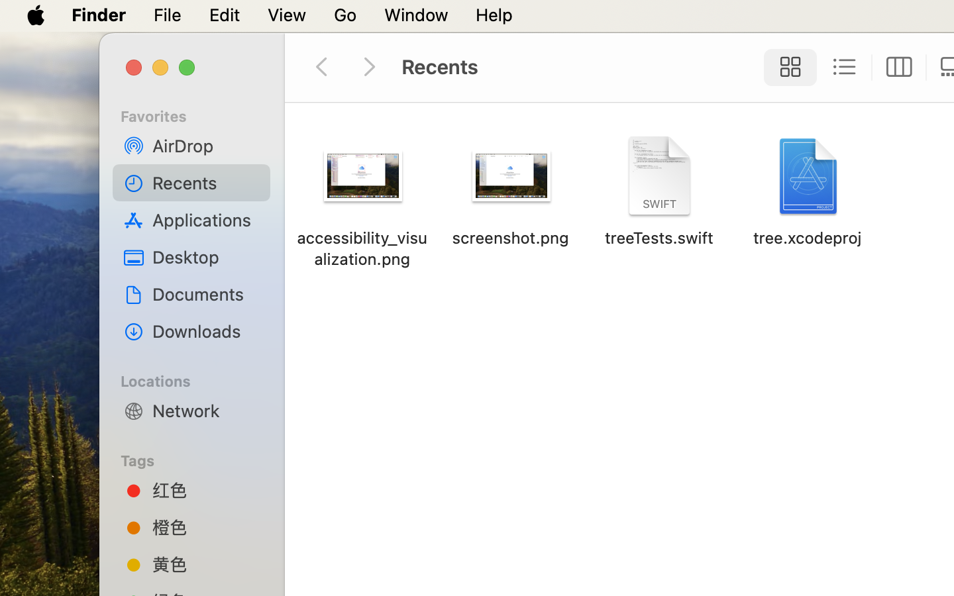 The width and height of the screenshot is (954, 596). I want to click on 'Applications', so click(206, 219).